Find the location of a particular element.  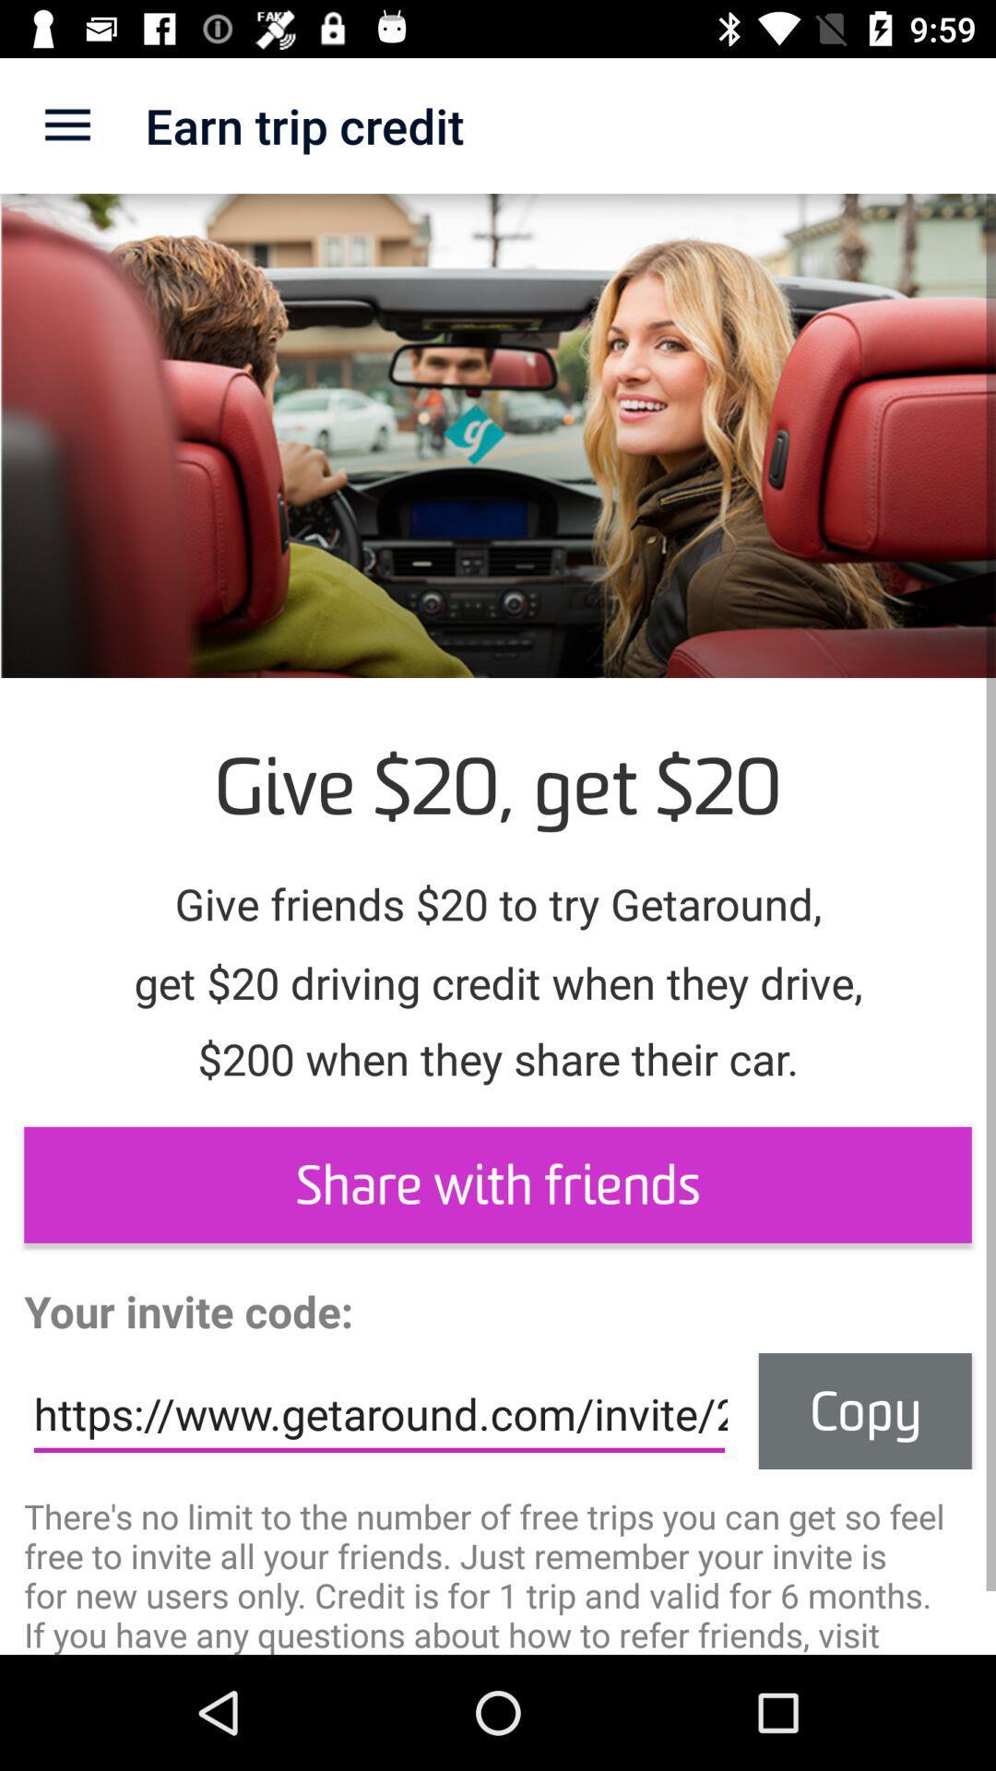

item above the there s no is located at coordinates (865, 1410).